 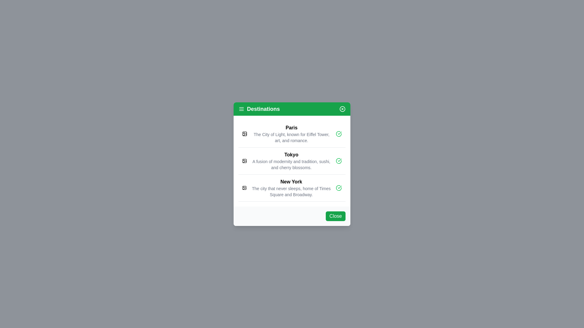 I want to click on the close button located at the bottom-right of the modal dialog to observe the hover effect, so click(x=292, y=215).